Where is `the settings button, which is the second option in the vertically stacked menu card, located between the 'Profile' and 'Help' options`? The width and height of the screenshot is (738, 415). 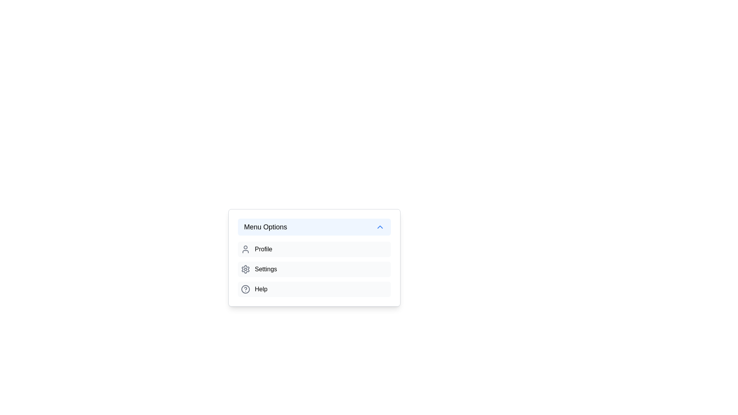
the settings button, which is the second option in the vertically stacked menu card, located between the 'Profile' and 'Help' options is located at coordinates (314, 269).